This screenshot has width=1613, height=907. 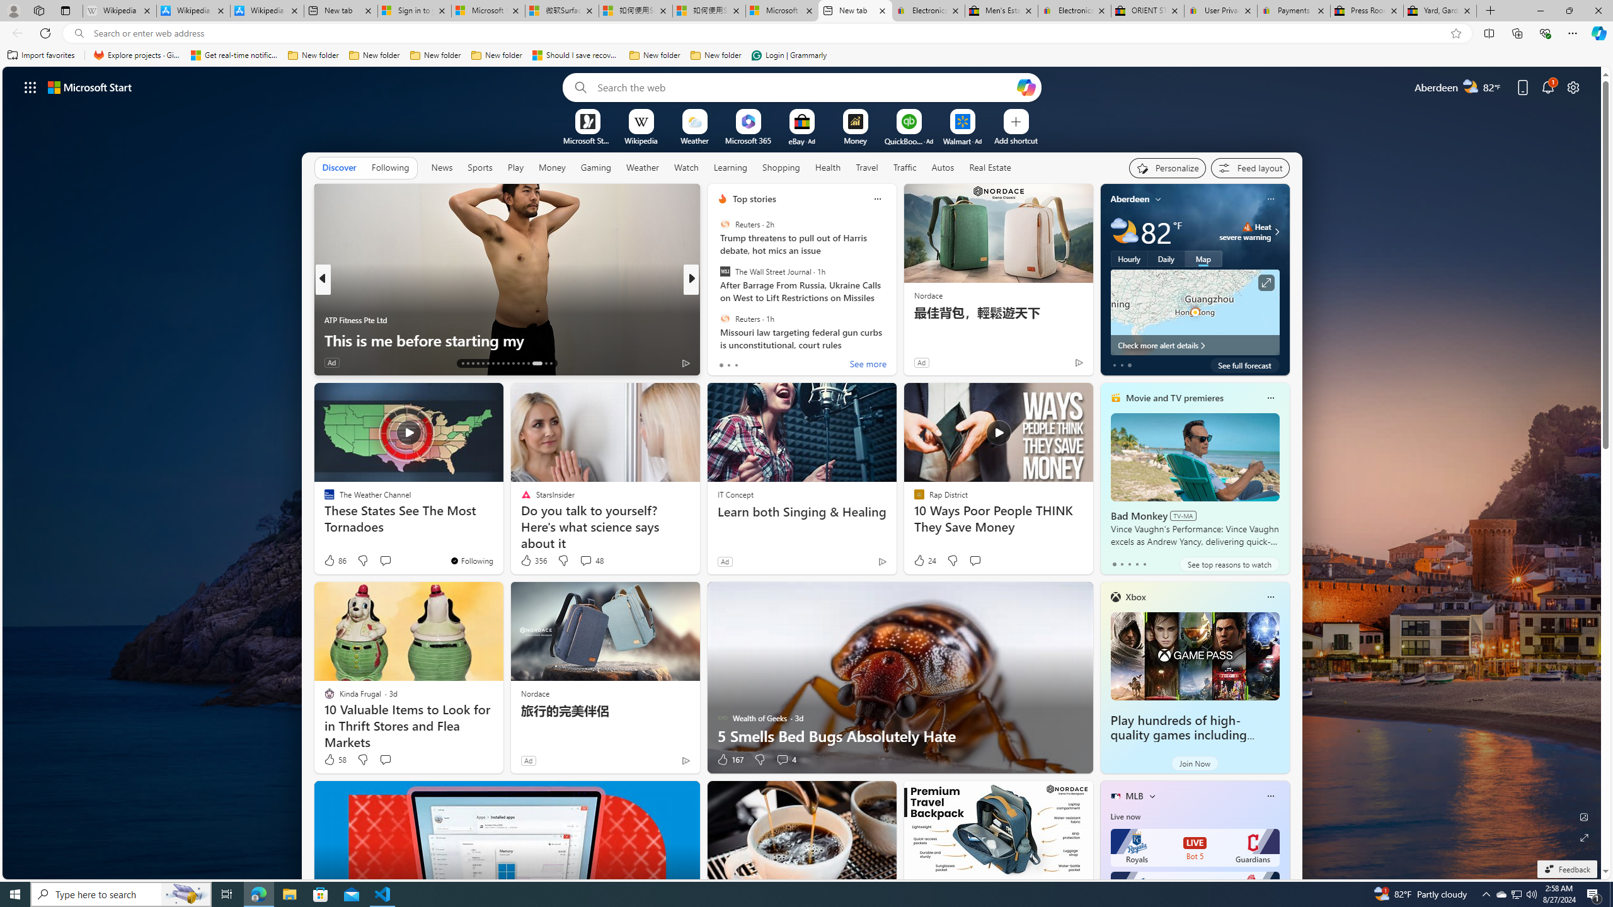 I want to click on 'Larger map ', so click(x=1194, y=312).